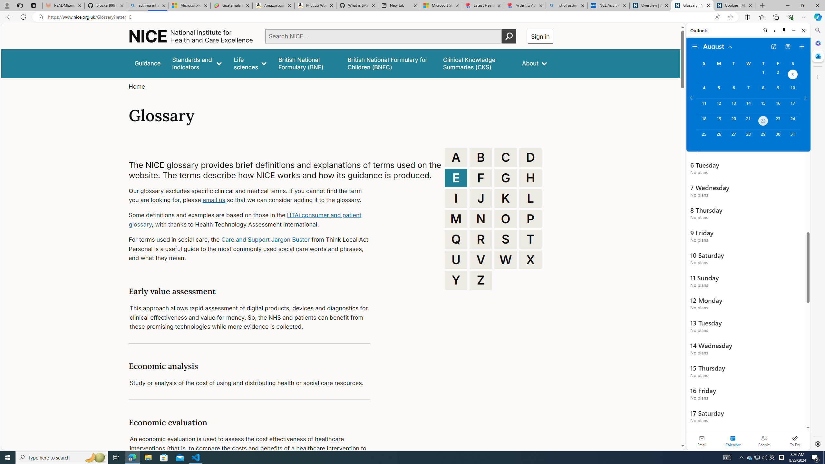 The height and width of the screenshot is (464, 825). What do you see at coordinates (763, 121) in the screenshot?
I see `'Thursday, August 22, 2024. Today. '` at bounding box center [763, 121].